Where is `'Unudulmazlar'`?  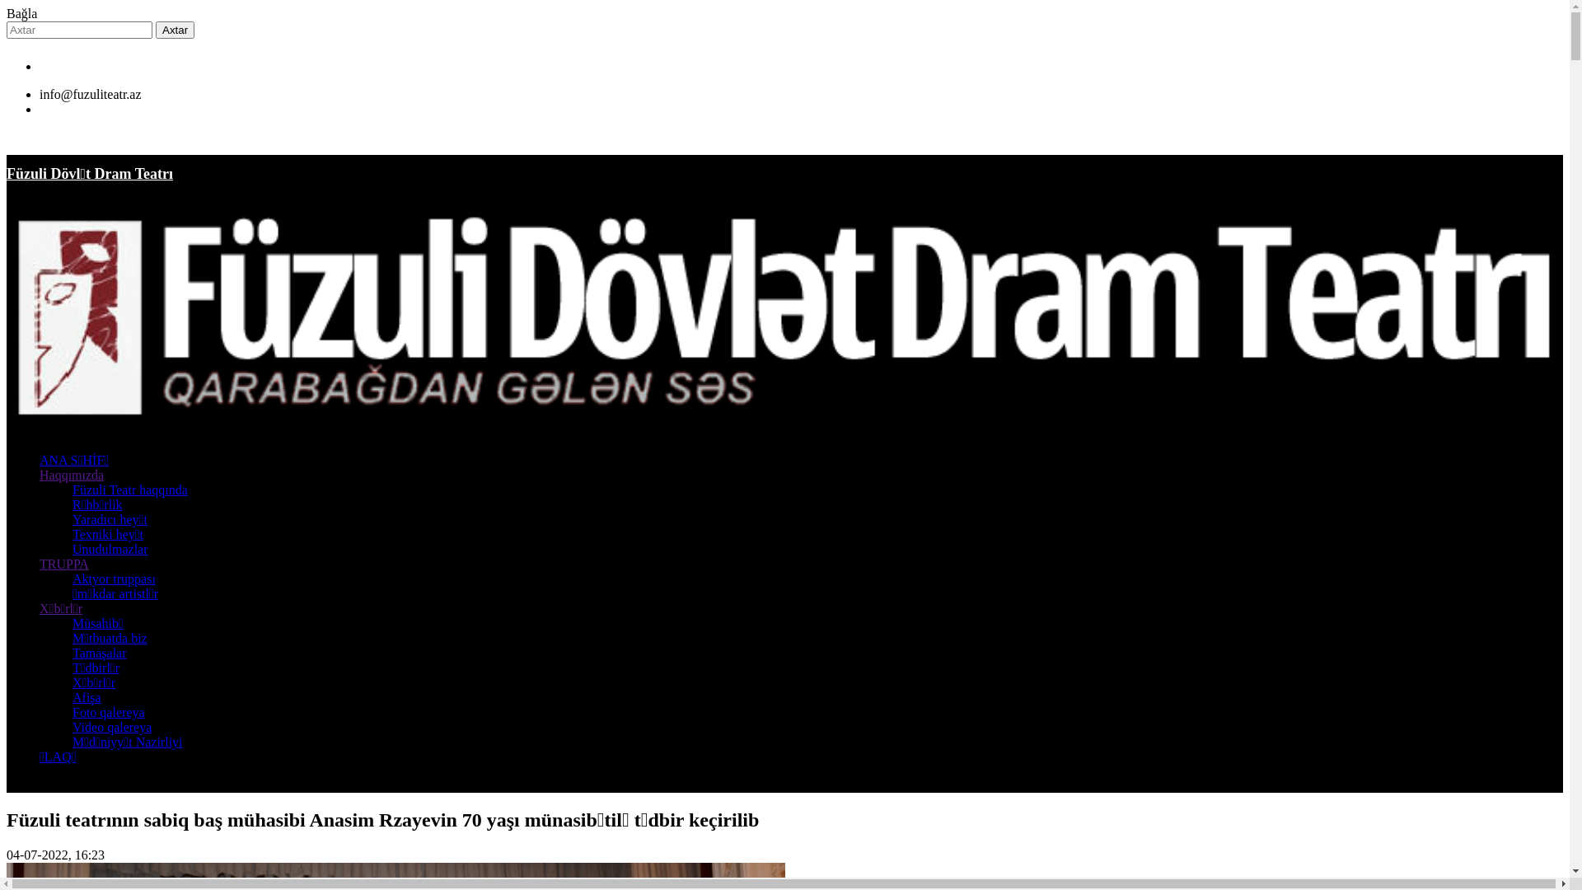 'Unudulmazlar' is located at coordinates (110, 549).